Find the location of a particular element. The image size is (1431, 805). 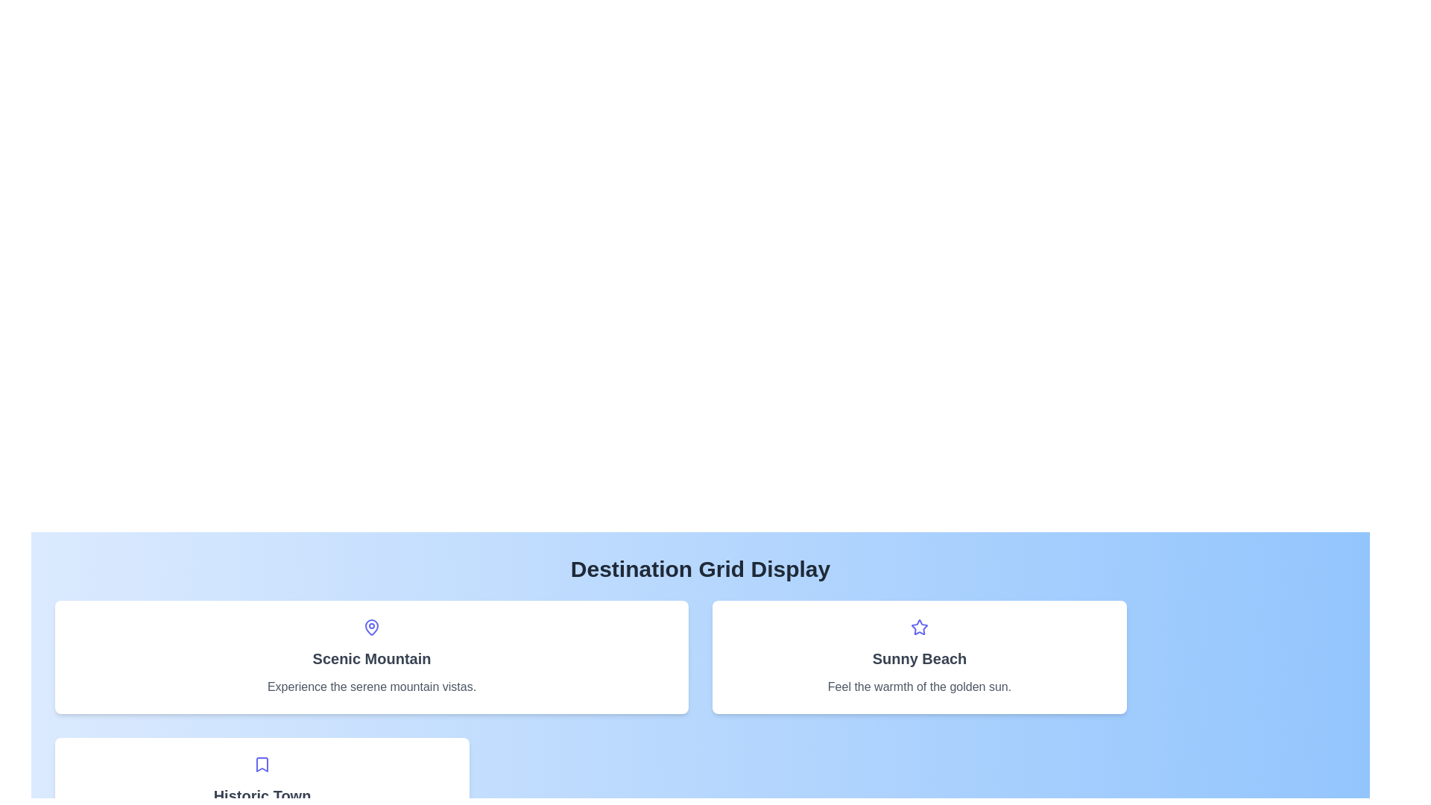

the 'Scenic Mountain' Information Card located in the top-left corner of the grid is located at coordinates (372, 657).